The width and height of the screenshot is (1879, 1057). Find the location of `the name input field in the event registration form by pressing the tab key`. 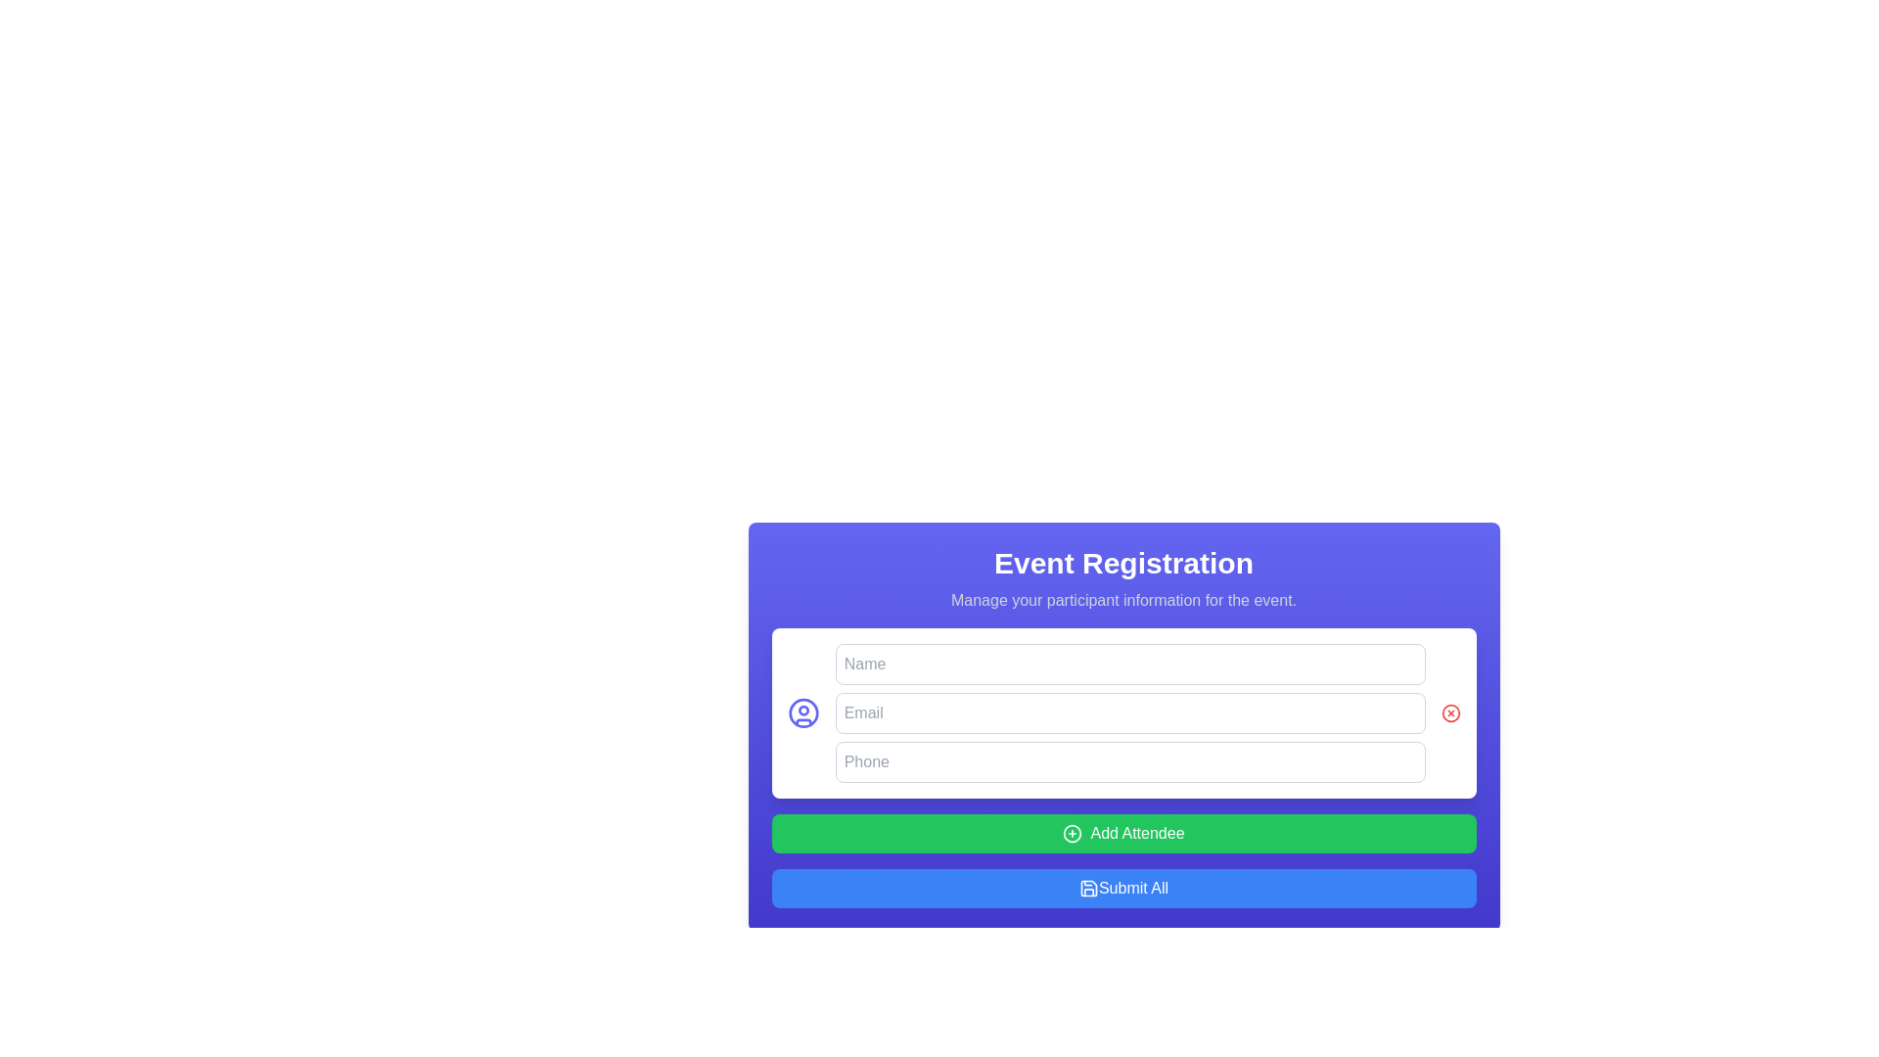

the name input field in the event registration form by pressing the tab key is located at coordinates (1130, 663).